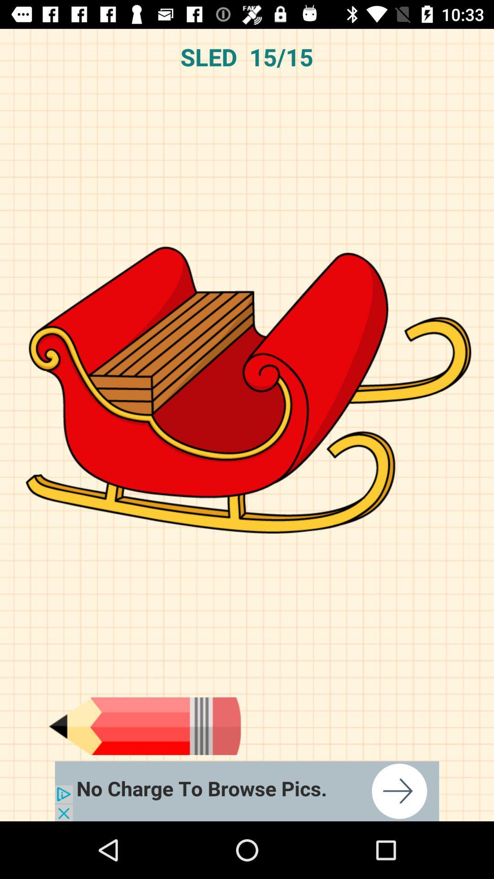  What do you see at coordinates (247, 791) in the screenshot?
I see `advertisement page` at bounding box center [247, 791].